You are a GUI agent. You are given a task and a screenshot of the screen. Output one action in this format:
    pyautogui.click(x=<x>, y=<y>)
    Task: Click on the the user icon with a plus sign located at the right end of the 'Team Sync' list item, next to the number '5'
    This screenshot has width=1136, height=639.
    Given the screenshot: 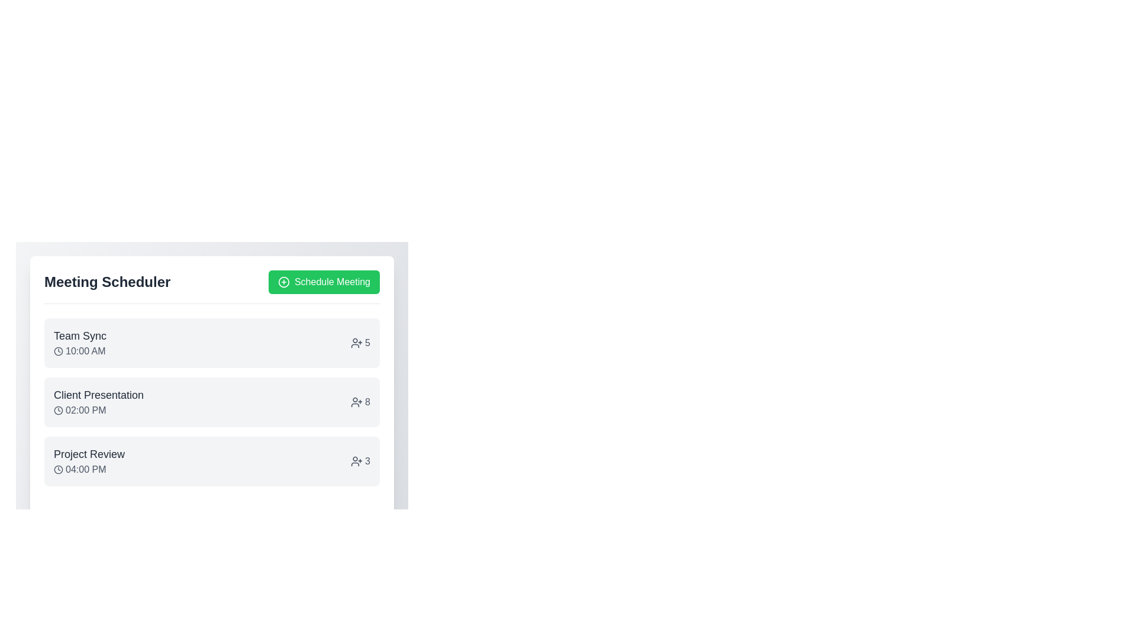 What is the action you would take?
    pyautogui.click(x=356, y=343)
    